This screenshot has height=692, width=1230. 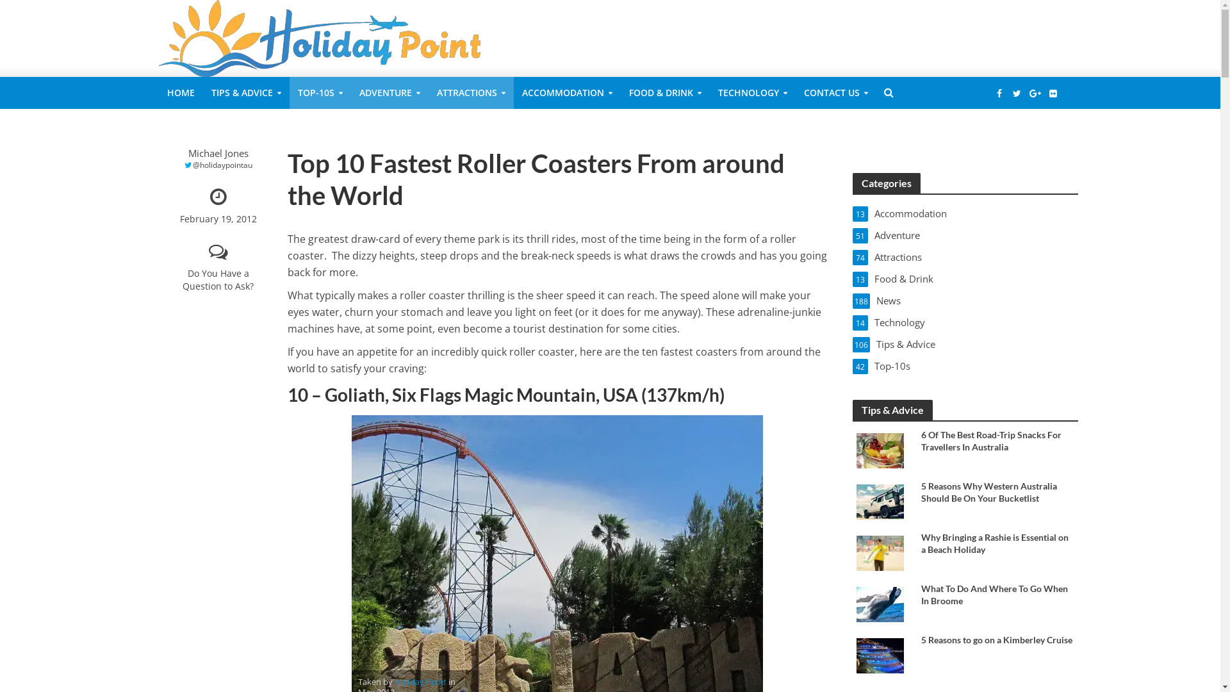 What do you see at coordinates (180, 92) in the screenshot?
I see `'HOME'` at bounding box center [180, 92].